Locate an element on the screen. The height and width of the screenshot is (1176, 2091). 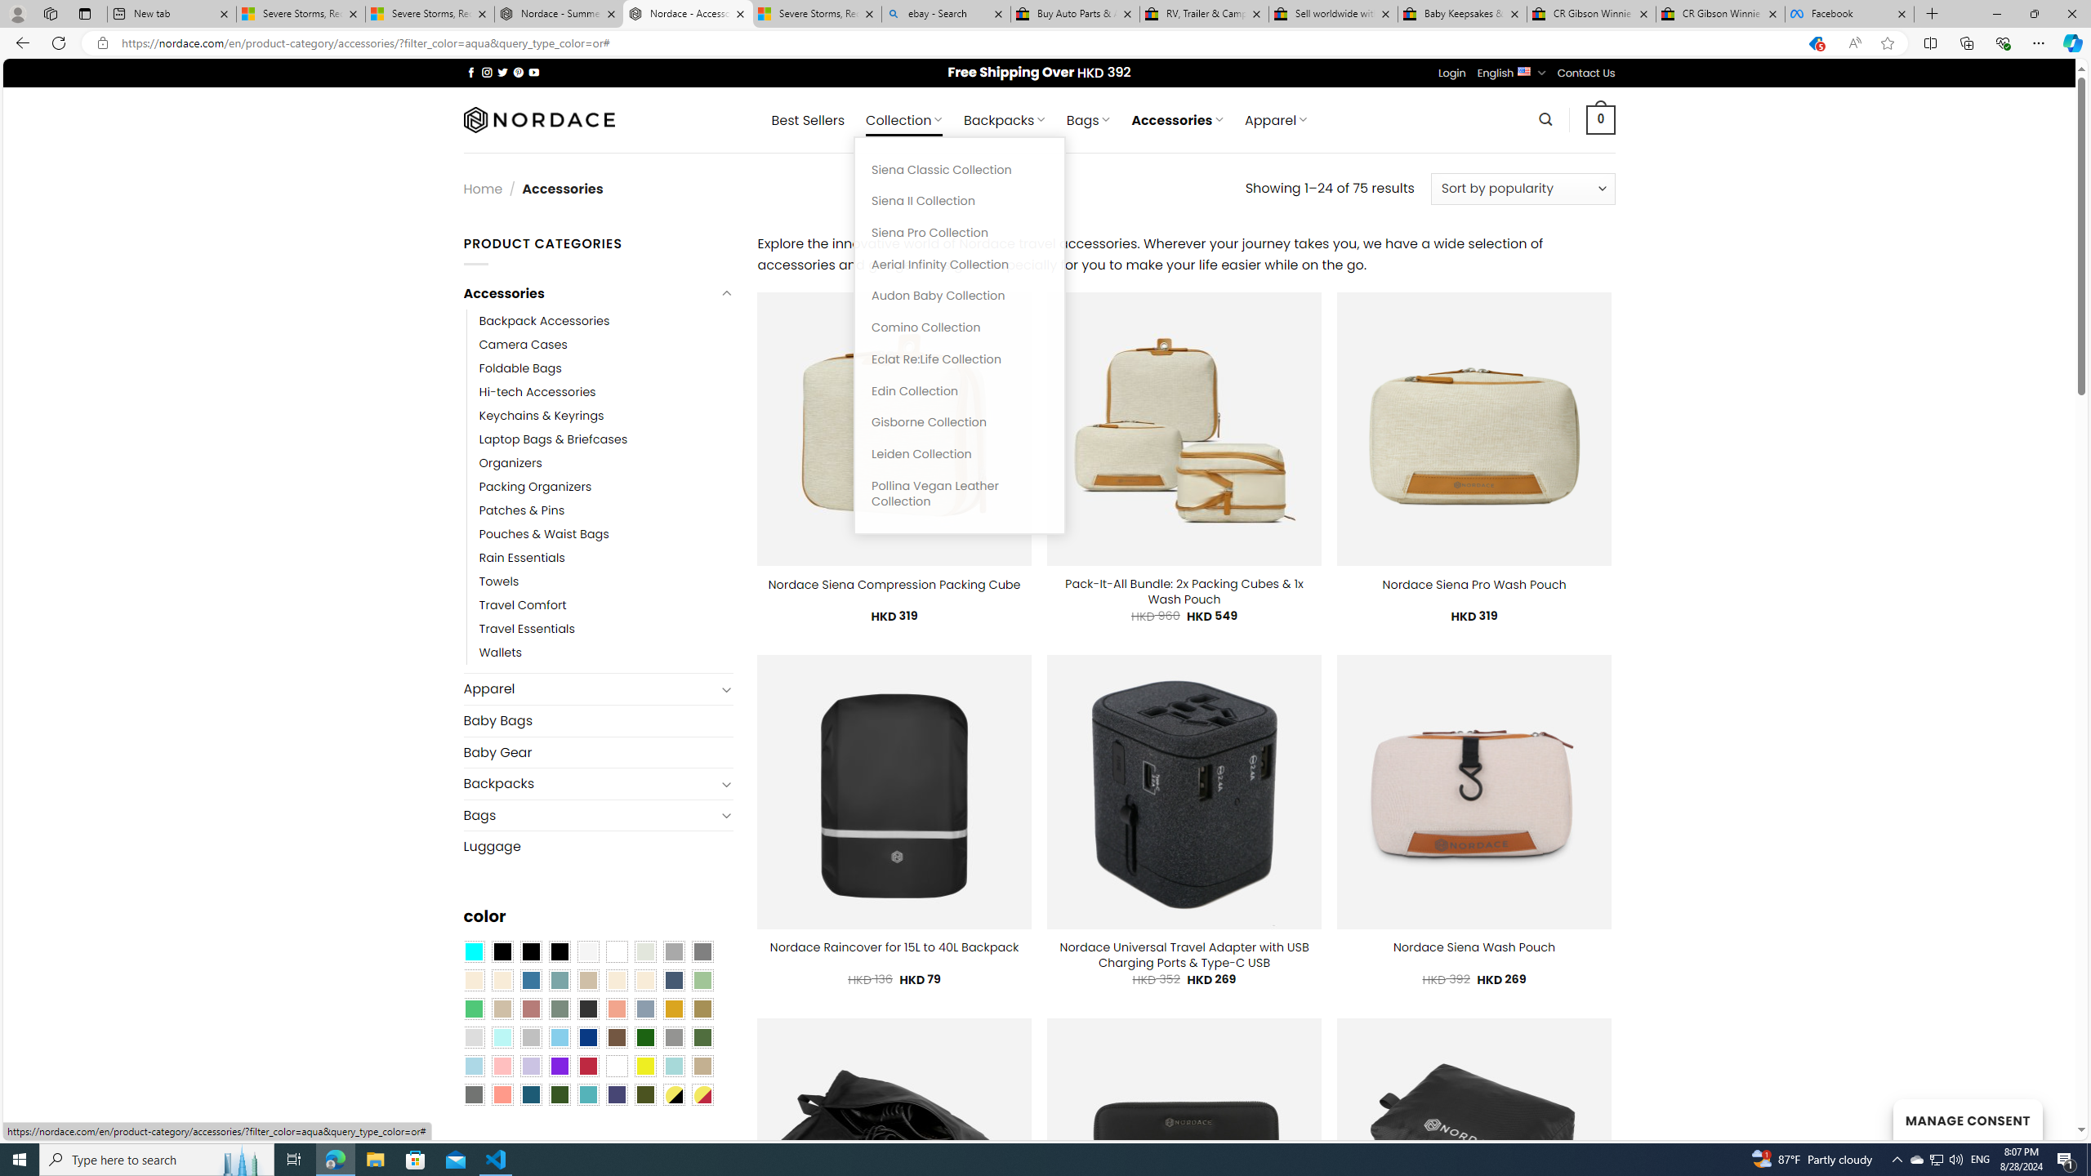
'Purple Navy' is located at coordinates (616, 1094).